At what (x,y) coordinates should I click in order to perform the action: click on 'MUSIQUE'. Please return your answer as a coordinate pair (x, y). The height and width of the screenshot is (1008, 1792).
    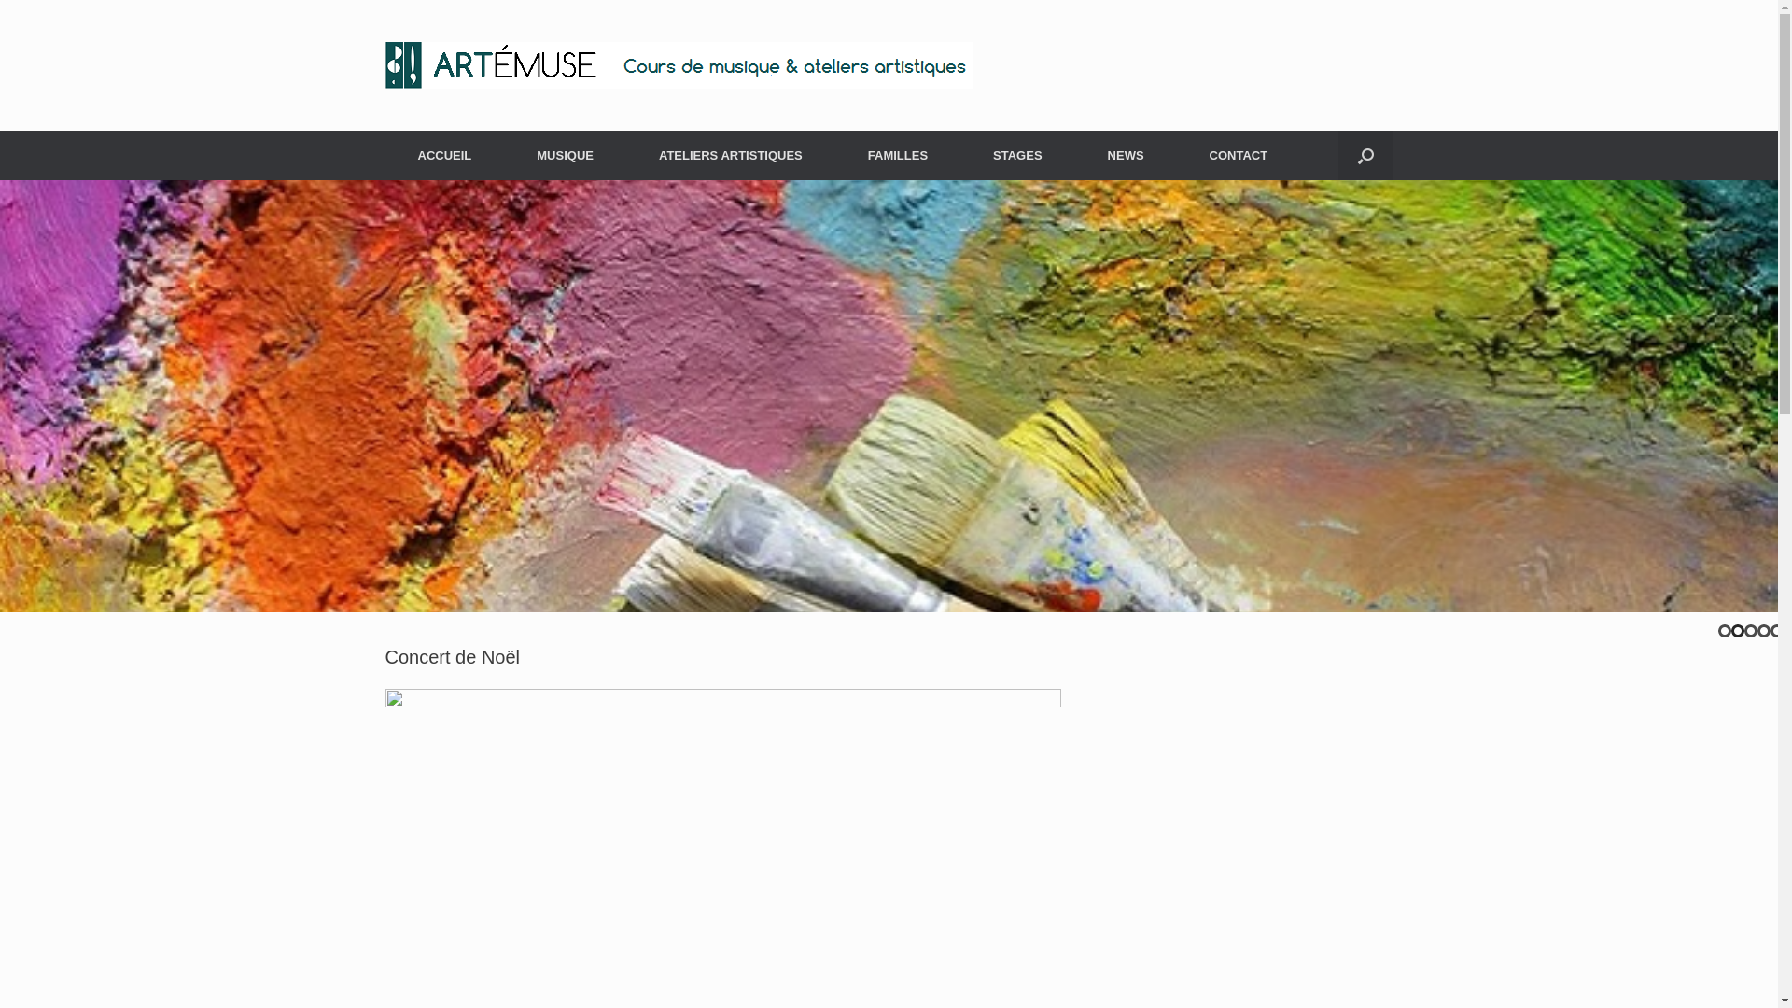
    Looking at the image, I should click on (503, 154).